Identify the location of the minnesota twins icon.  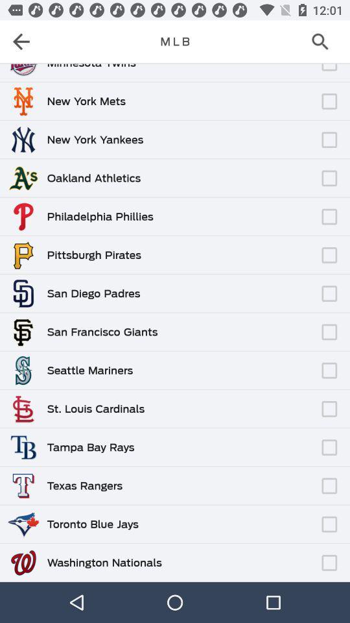
(91, 66).